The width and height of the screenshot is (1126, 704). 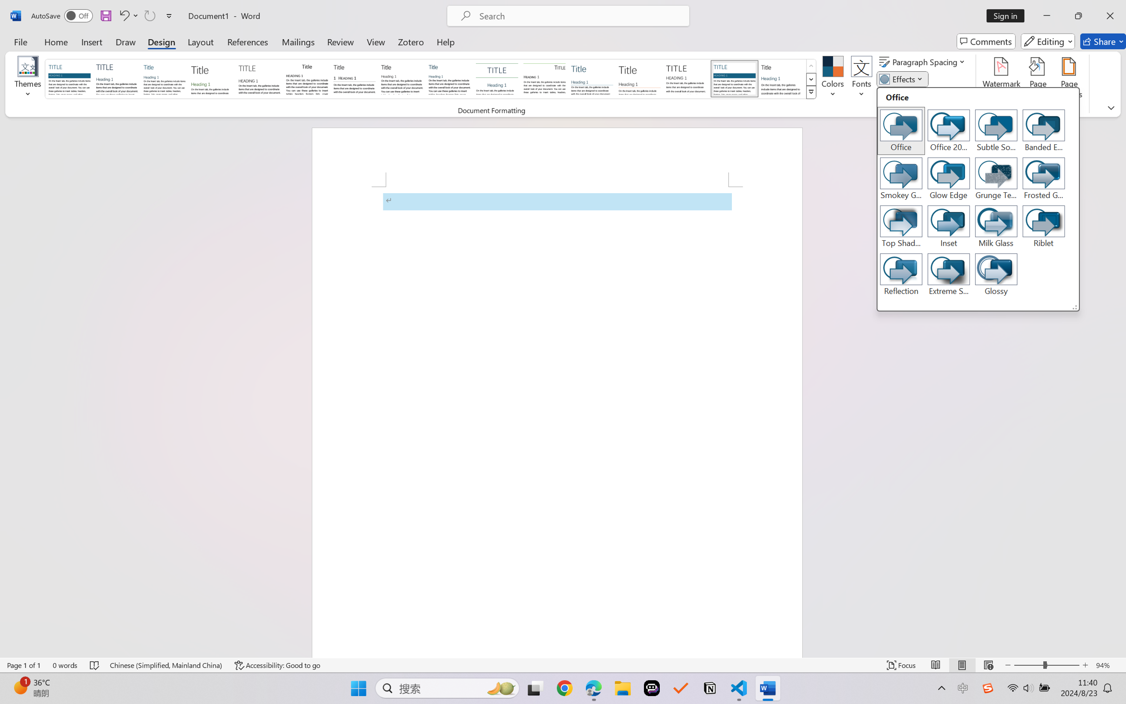 What do you see at coordinates (811, 92) in the screenshot?
I see `'Style Set'` at bounding box center [811, 92].